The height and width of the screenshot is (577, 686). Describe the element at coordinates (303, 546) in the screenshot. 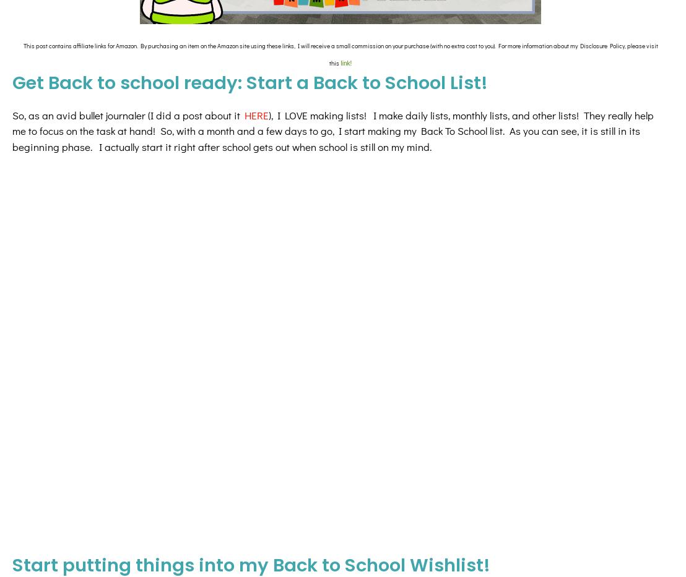

I see `'need'` at that location.